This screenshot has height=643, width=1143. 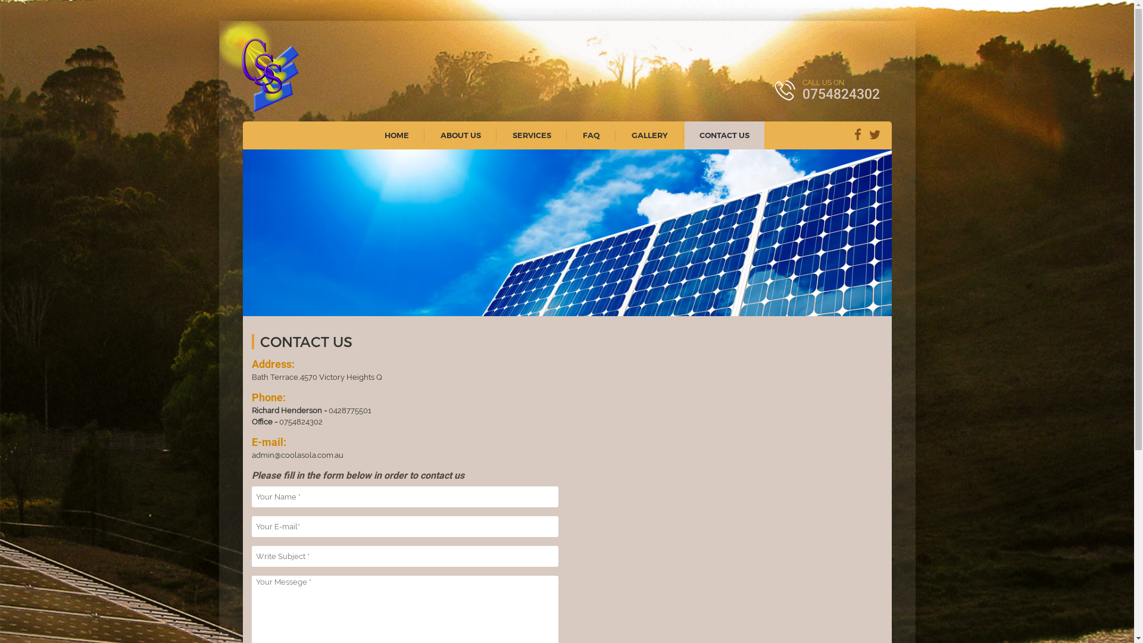 I want to click on 'CONTACT US', so click(x=724, y=135).